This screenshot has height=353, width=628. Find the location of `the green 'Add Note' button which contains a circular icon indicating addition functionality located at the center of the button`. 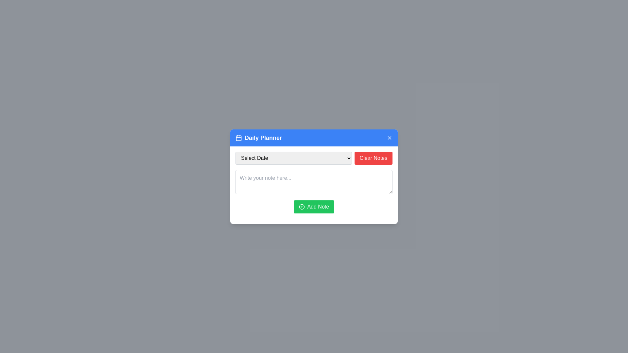

the green 'Add Note' button which contains a circular icon indicating addition functionality located at the center of the button is located at coordinates (301, 207).